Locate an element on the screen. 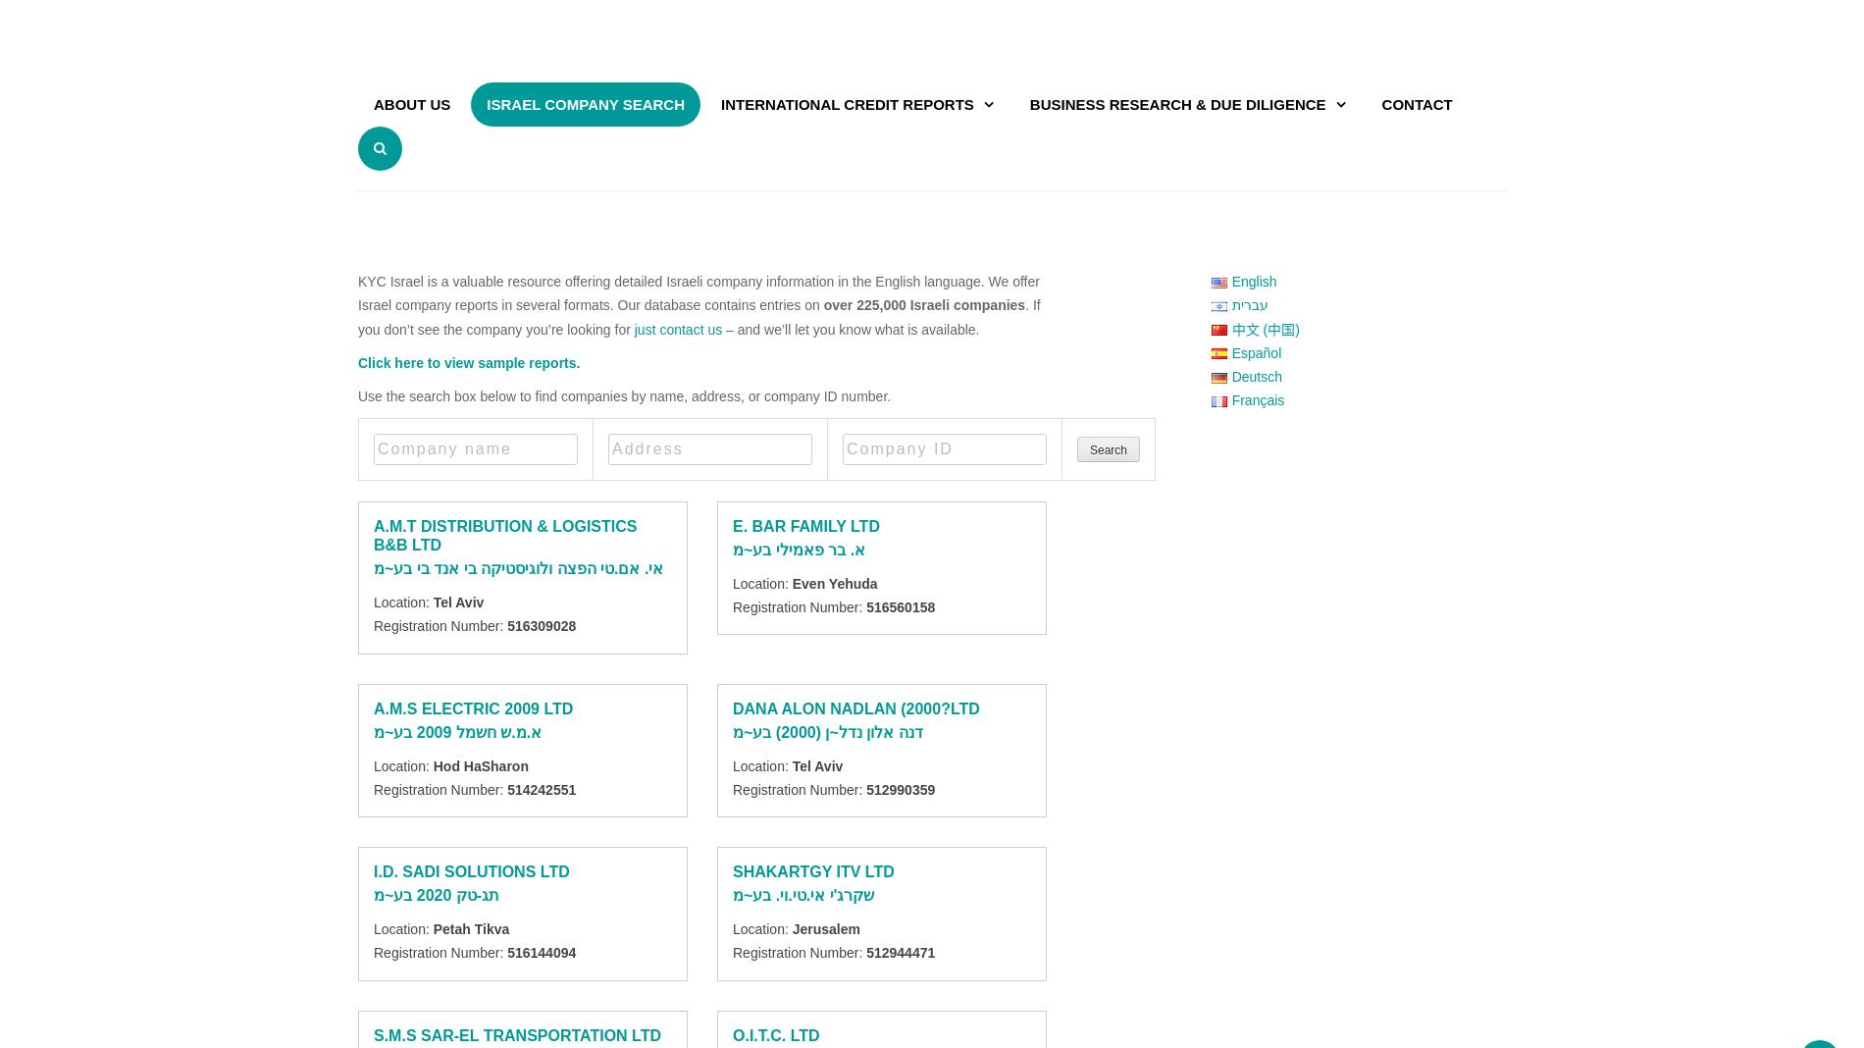 The height and width of the screenshot is (1048, 1864). 'SHAKARTGY ITV LTD' is located at coordinates (732, 870).